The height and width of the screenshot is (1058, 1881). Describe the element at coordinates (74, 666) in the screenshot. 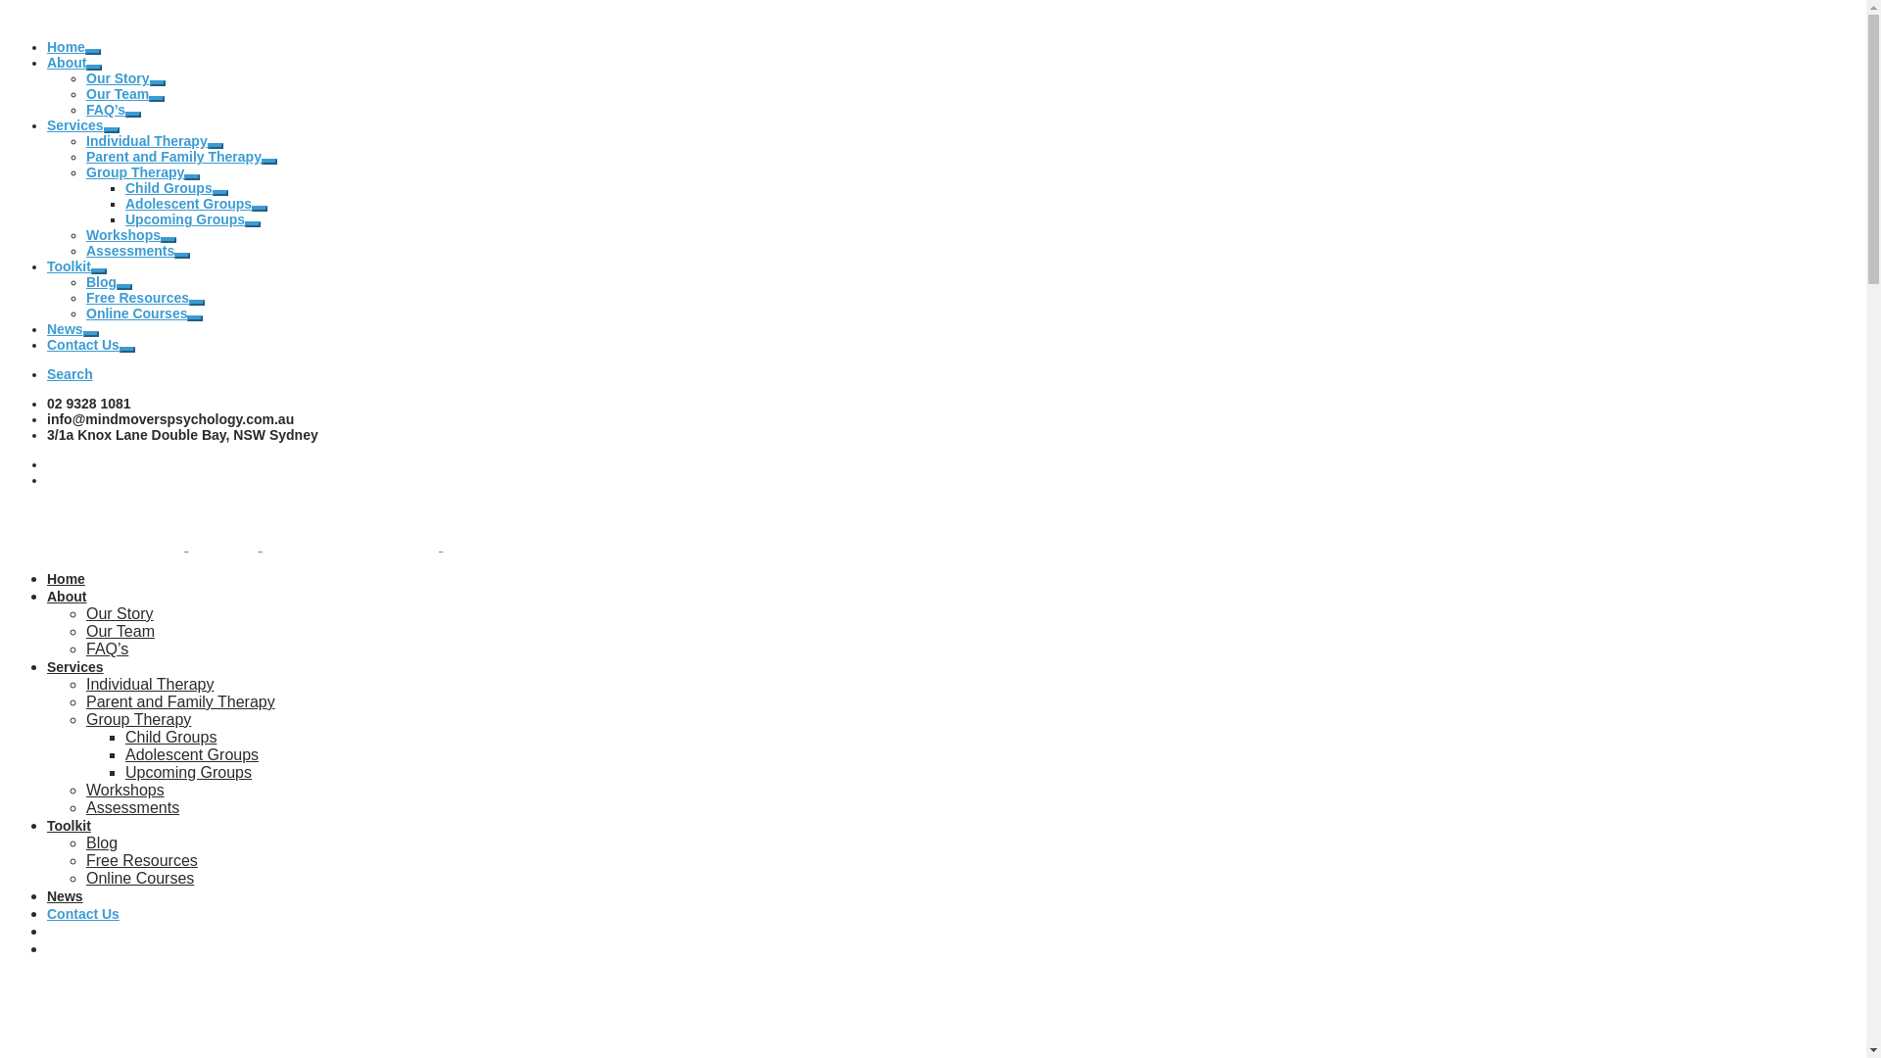

I see `'Services'` at that location.